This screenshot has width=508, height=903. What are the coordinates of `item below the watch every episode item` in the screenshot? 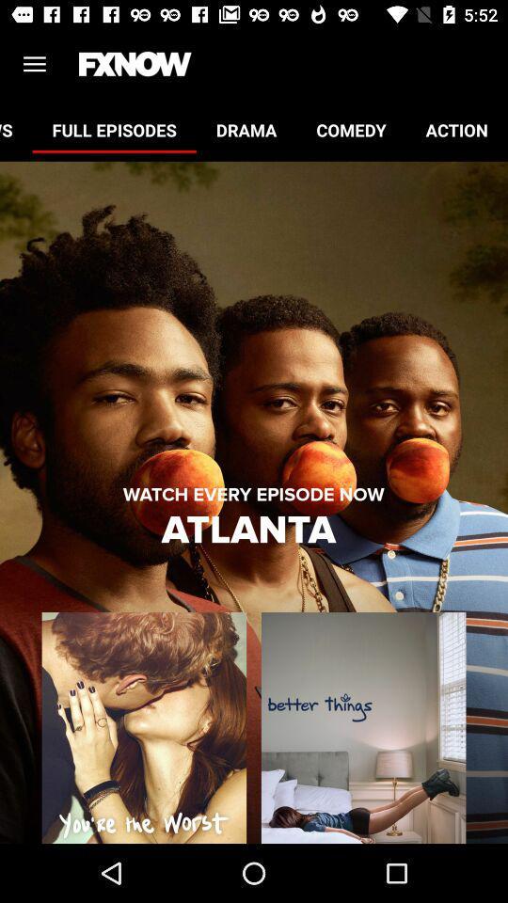 It's located at (253, 531).